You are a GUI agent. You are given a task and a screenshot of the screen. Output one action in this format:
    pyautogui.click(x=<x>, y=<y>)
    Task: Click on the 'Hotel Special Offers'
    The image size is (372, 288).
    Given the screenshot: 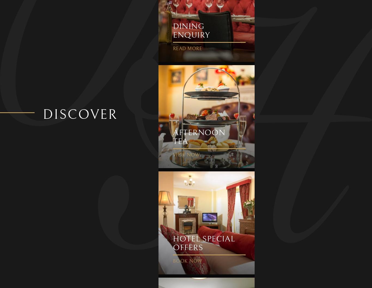 What is the action you would take?
    pyautogui.click(x=172, y=243)
    